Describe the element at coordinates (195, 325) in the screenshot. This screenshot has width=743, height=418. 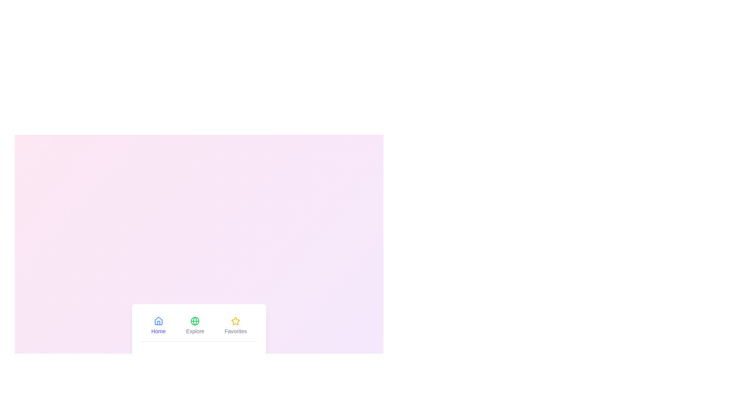
I see `the Explore tab to switch to it` at that location.